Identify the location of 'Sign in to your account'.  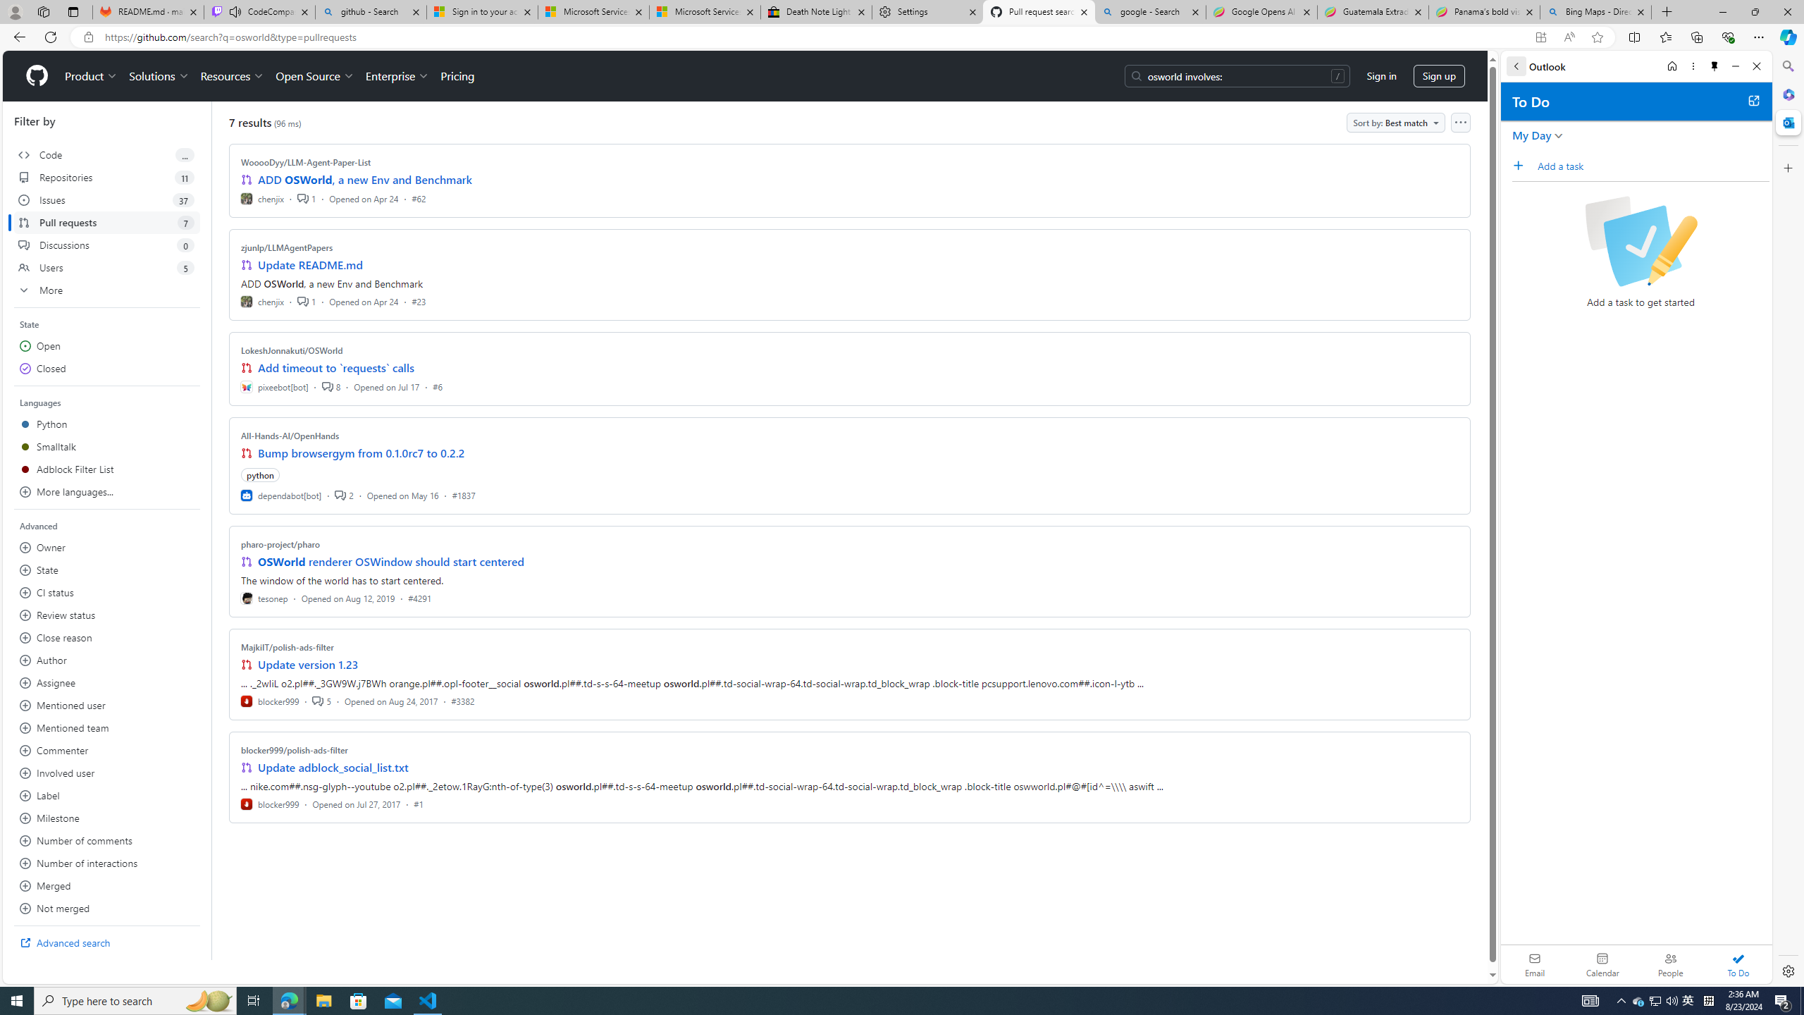
(482, 11).